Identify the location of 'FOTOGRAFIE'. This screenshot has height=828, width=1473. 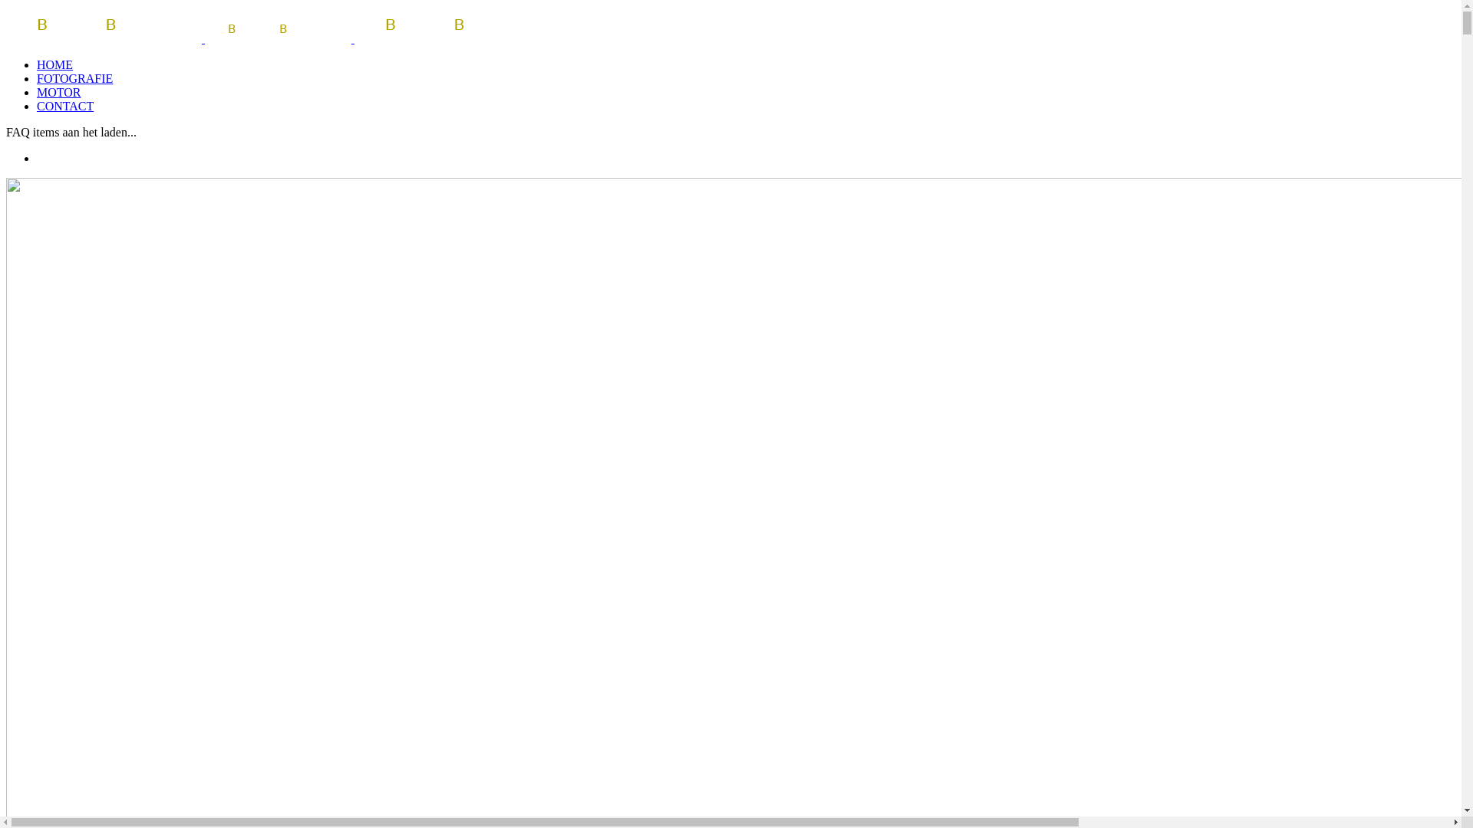
(74, 78).